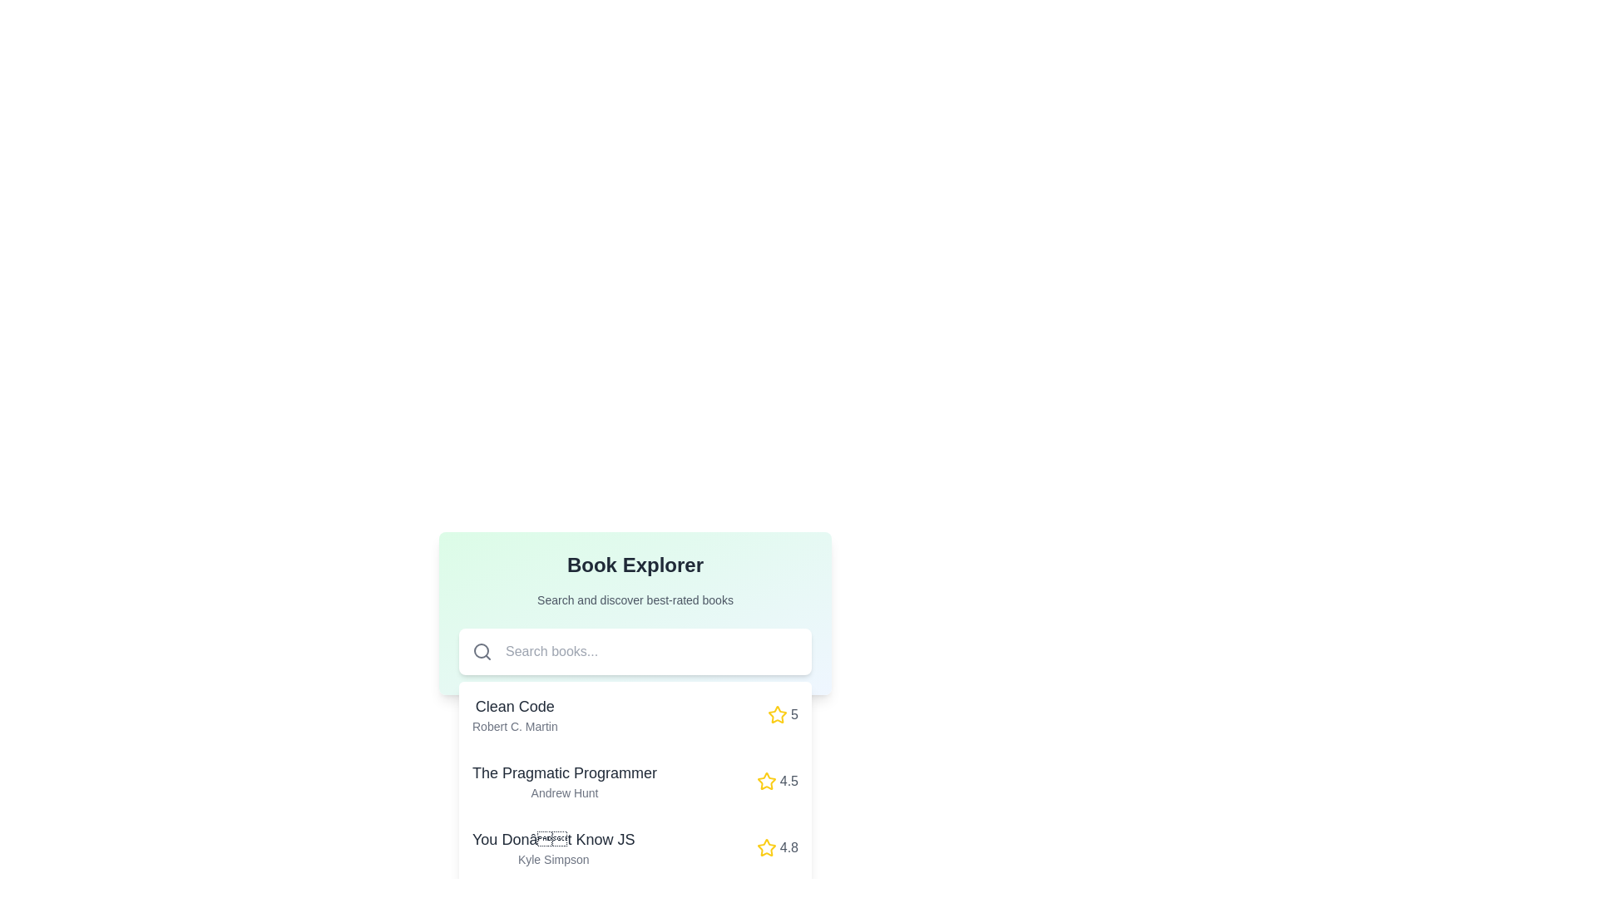  Describe the element at coordinates (782, 714) in the screenshot. I see `the rating value displayed by the yellow star icon and the number '5' in the first book entry 'Clean Code' of the 'Book Explorer' list` at that location.